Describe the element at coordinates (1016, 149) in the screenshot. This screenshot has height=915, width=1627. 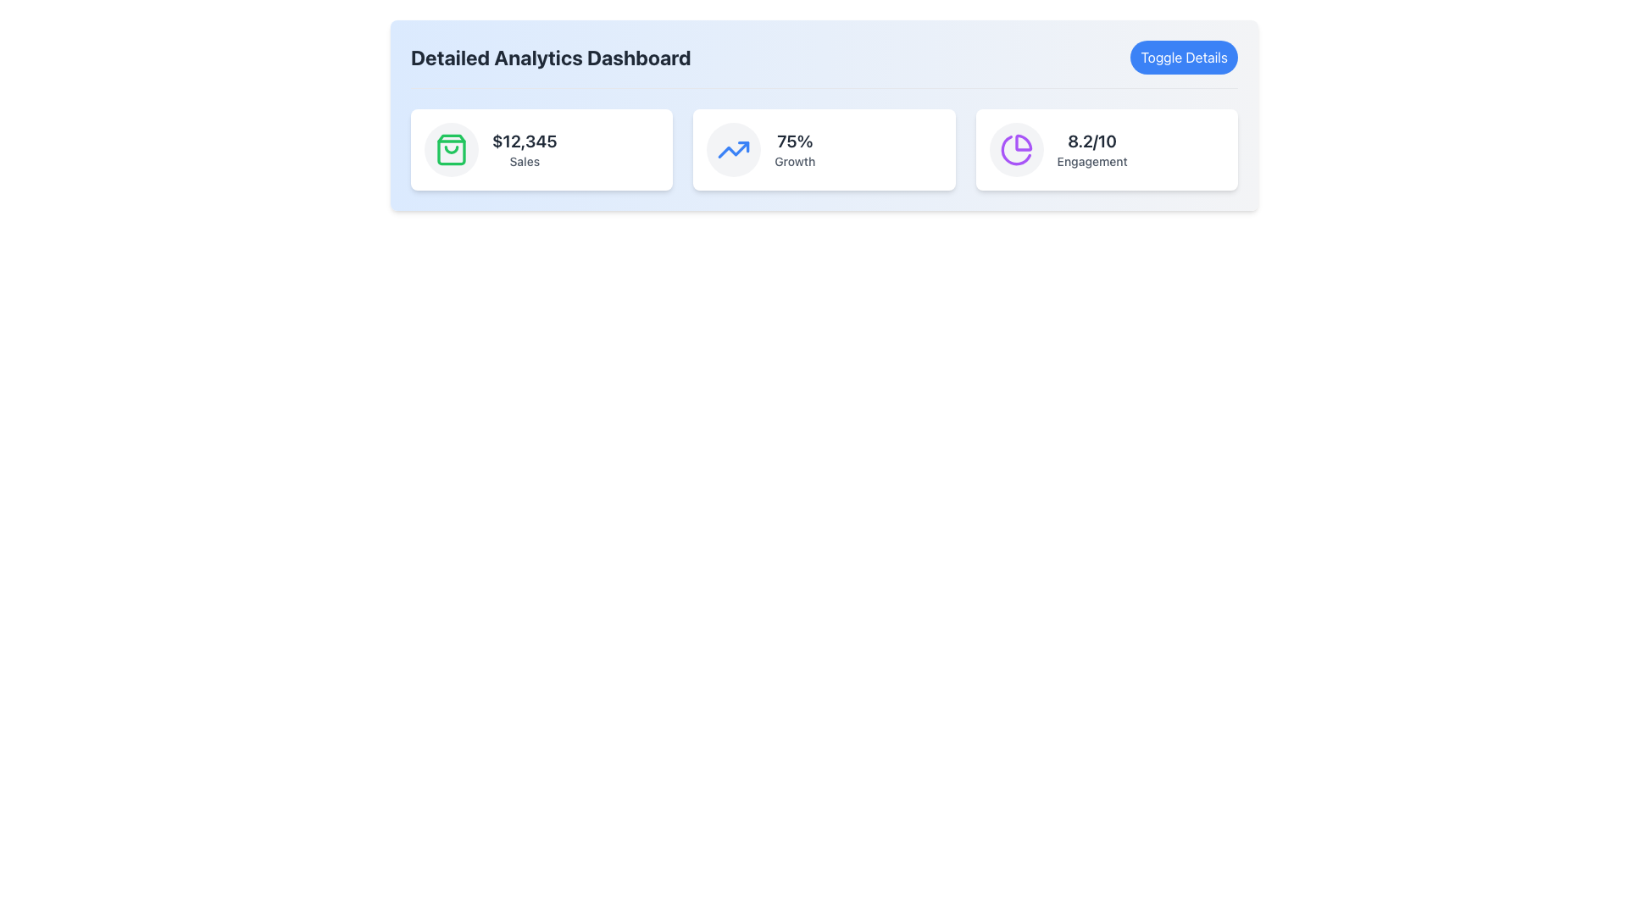
I see `the circular icon with a pie chart graphic, which has a light gray background and purple pie chart, located near the text '8.2/10' and 'Engagement'` at that location.